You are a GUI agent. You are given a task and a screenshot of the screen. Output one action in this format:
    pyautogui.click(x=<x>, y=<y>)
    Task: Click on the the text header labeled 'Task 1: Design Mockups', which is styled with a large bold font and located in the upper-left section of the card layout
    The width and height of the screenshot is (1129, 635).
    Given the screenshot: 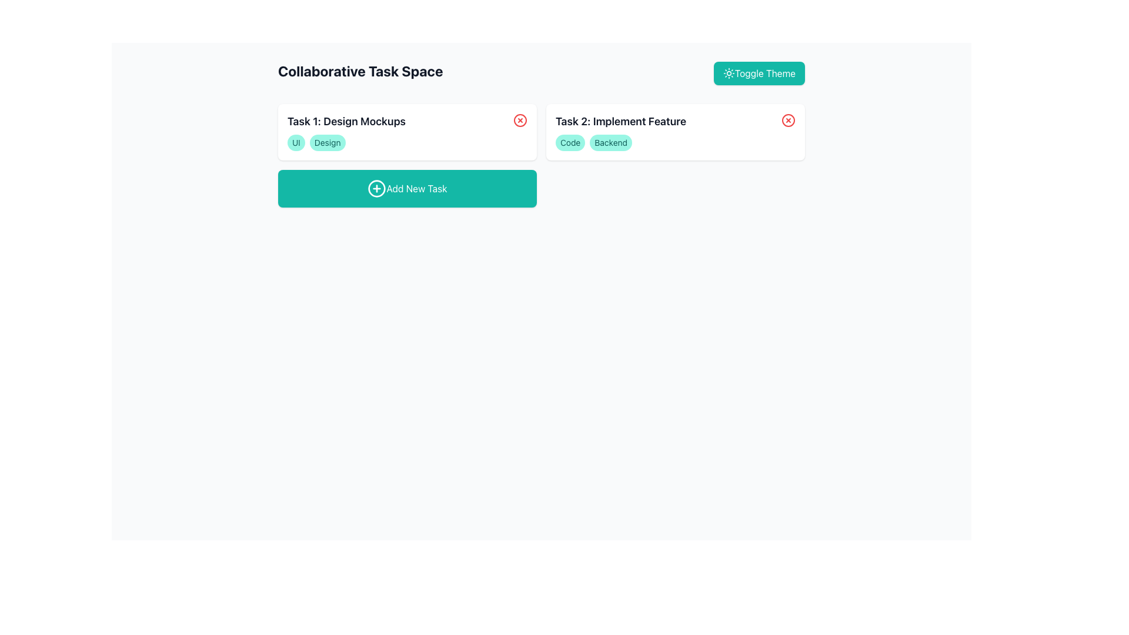 What is the action you would take?
    pyautogui.click(x=346, y=122)
    